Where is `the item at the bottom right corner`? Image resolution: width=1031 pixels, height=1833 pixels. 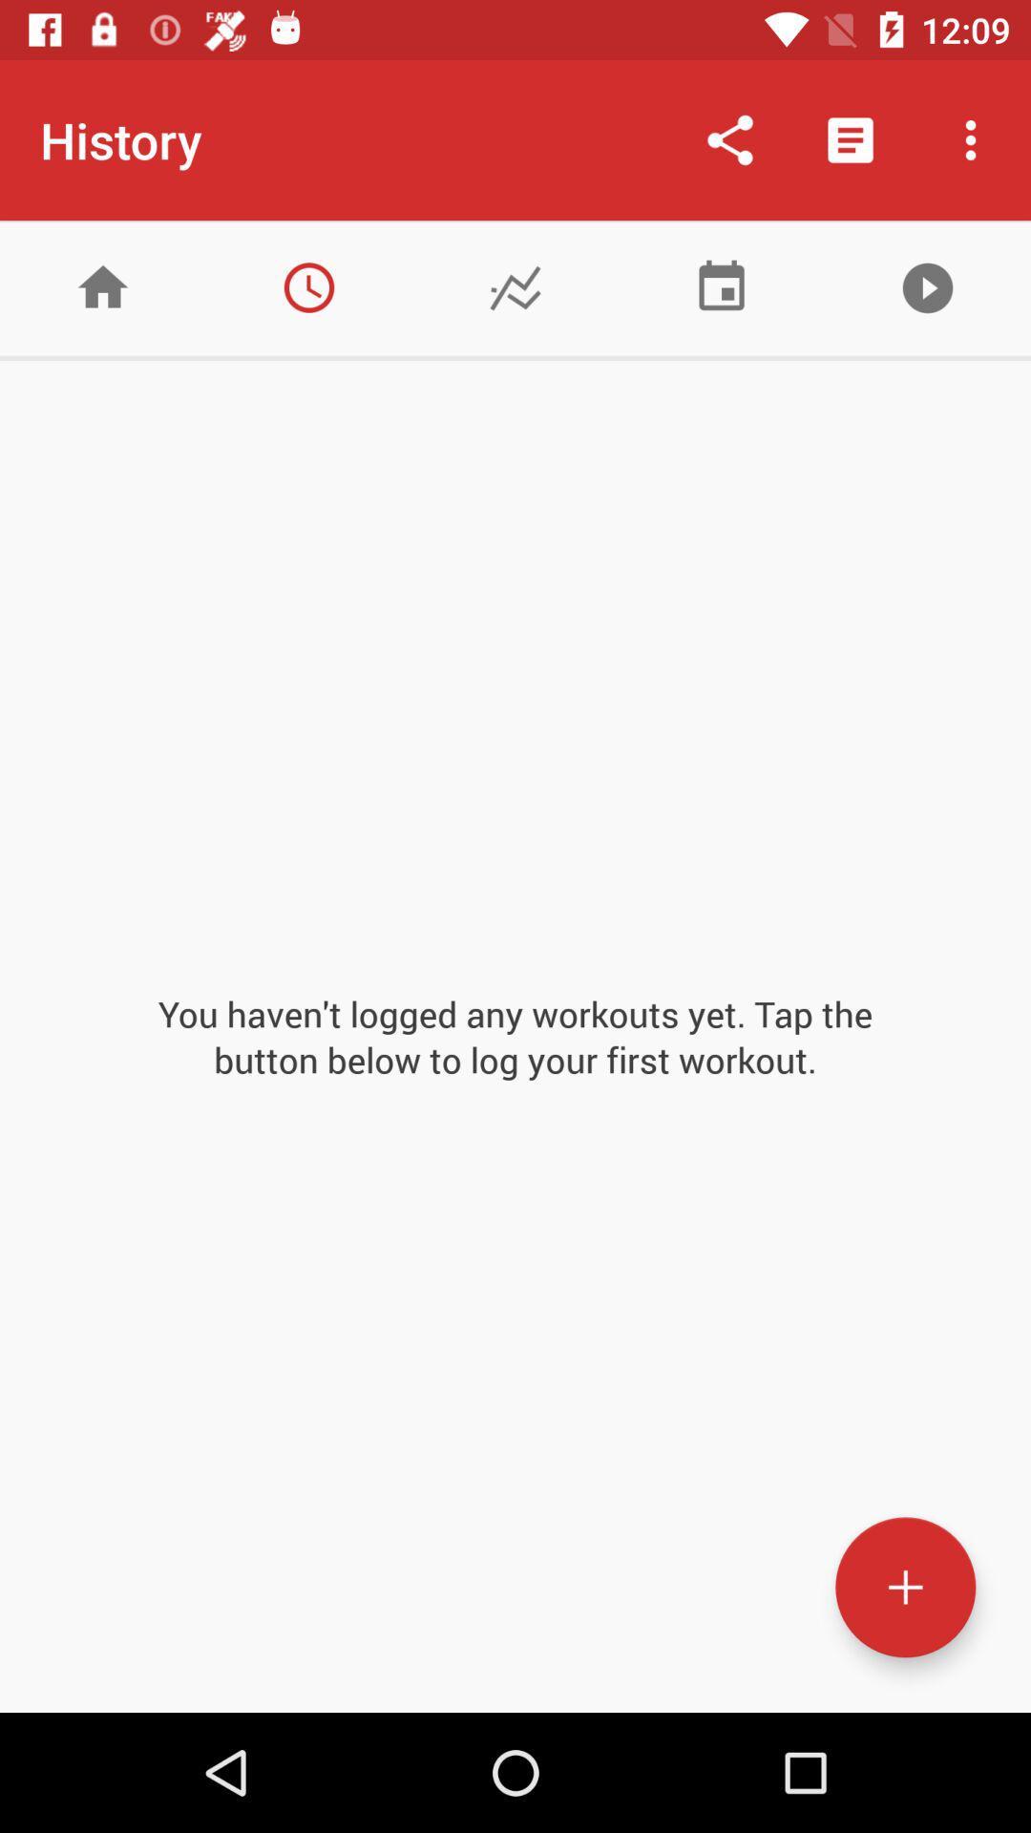
the item at the bottom right corner is located at coordinates (904, 1587).